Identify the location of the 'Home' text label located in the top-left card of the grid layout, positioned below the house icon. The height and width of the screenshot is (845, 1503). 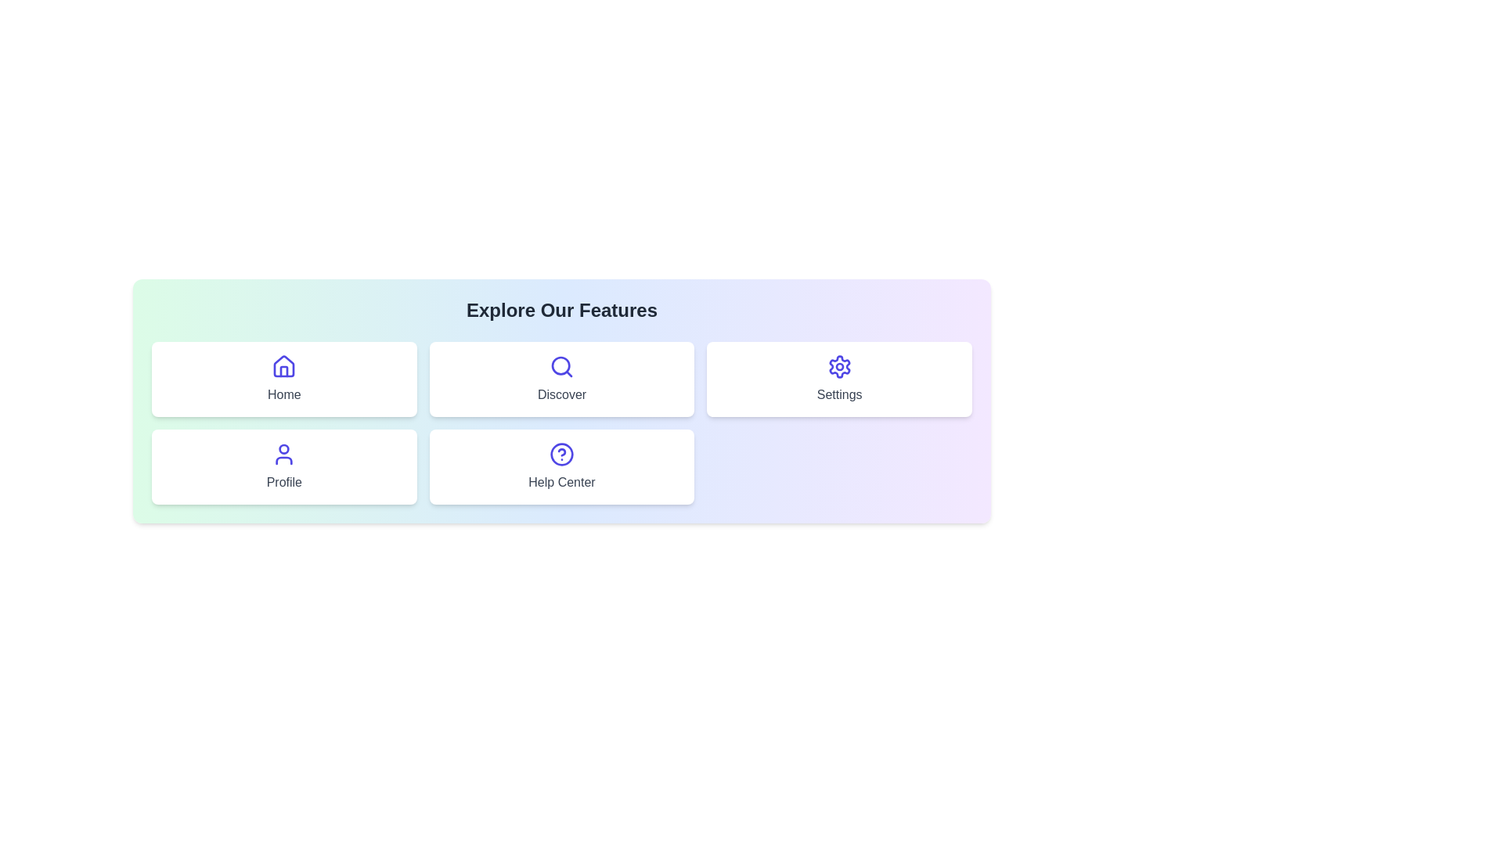
(284, 394).